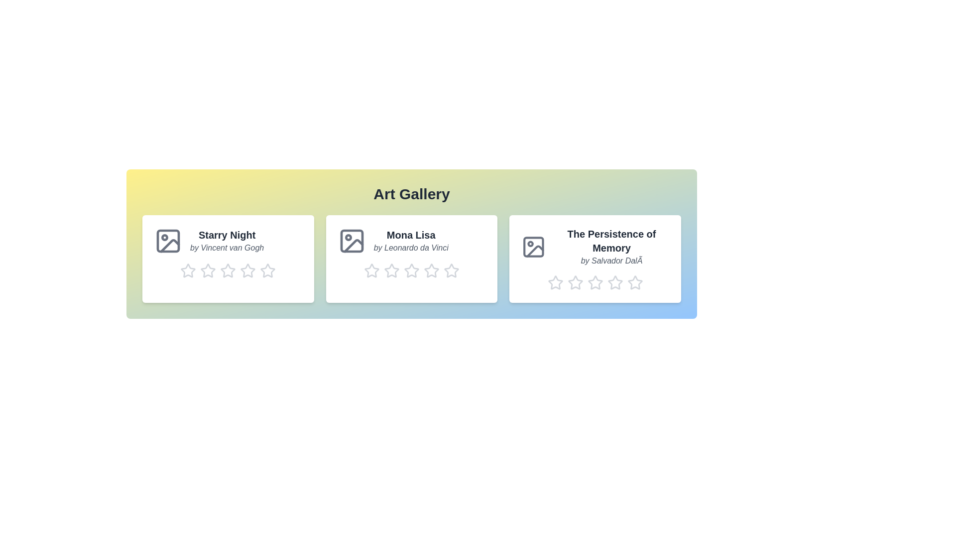 The height and width of the screenshot is (538, 956). What do you see at coordinates (267, 270) in the screenshot?
I see `the rating for the artwork 'Starry Night' to 5 stars` at bounding box center [267, 270].